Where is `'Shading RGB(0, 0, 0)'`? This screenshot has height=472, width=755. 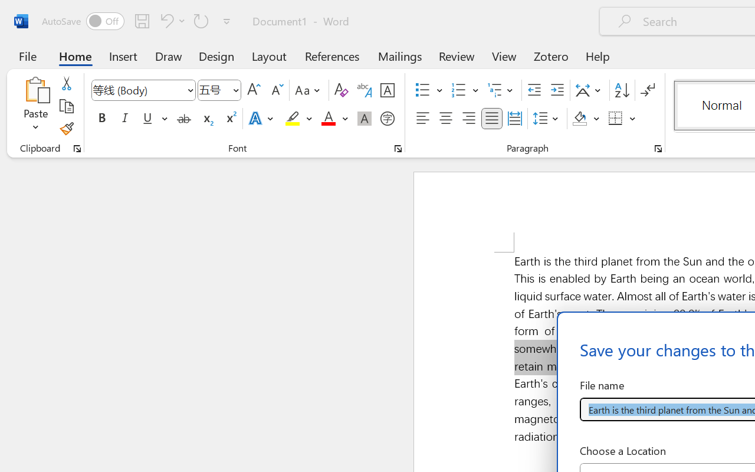 'Shading RGB(0, 0, 0)' is located at coordinates (580, 119).